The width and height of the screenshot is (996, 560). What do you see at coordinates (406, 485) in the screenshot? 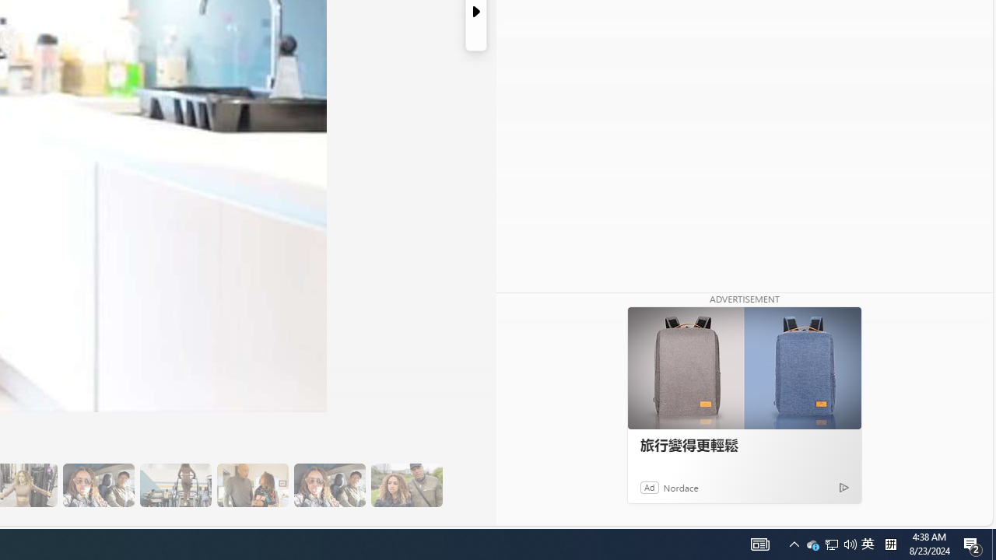
I see `'20 Overall, It Will Improve Your Health'` at bounding box center [406, 485].